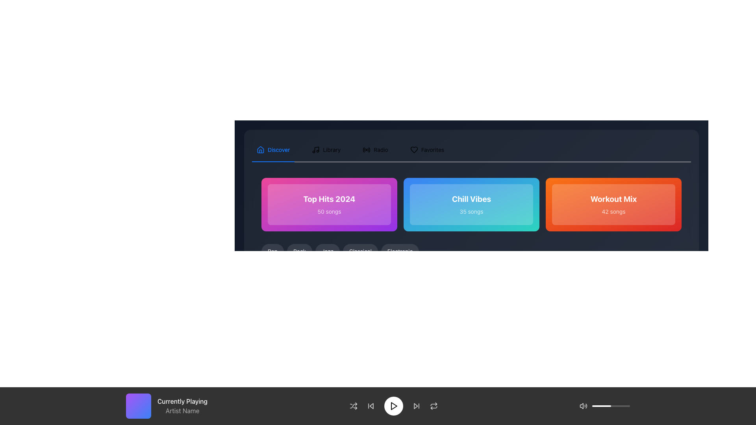 The height and width of the screenshot is (425, 756). What do you see at coordinates (299, 251) in the screenshot?
I see `the pill-shaped button labeled 'Rock'` at bounding box center [299, 251].